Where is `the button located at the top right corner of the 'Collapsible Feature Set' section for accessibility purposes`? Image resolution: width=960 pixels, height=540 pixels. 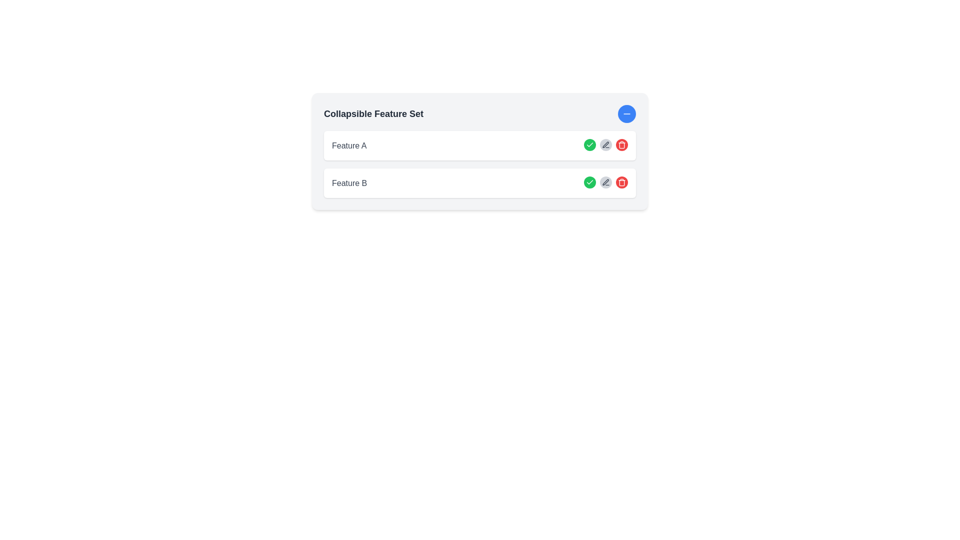
the button located at the top right corner of the 'Collapsible Feature Set' section for accessibility purposes is located at coordinates (626, 113).